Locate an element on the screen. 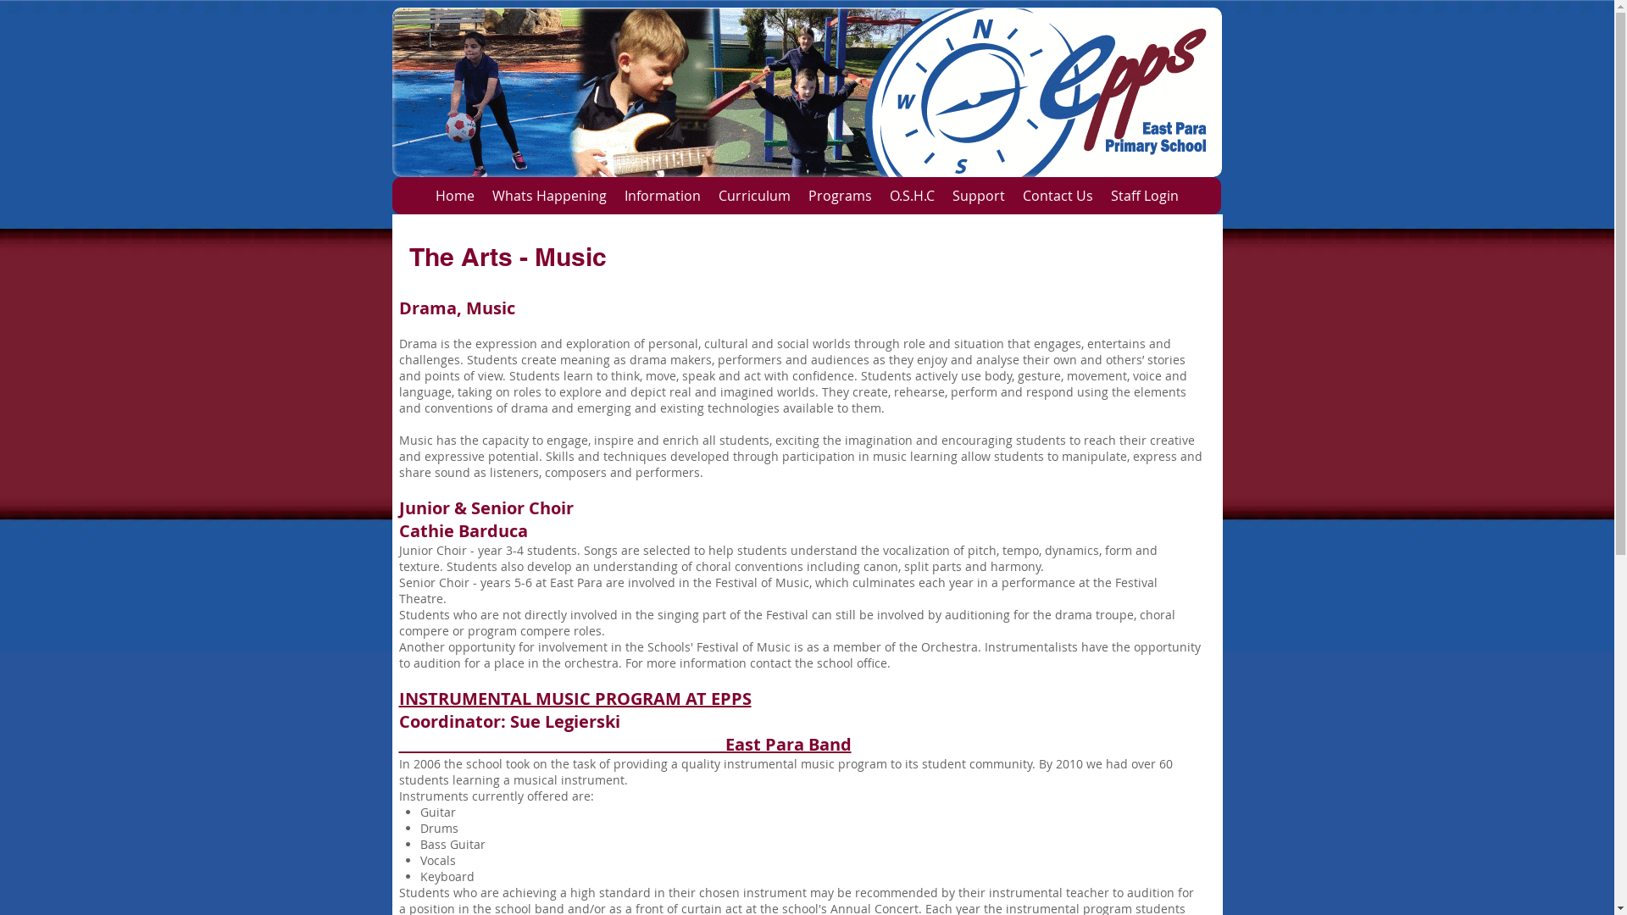 The height and width of the screenshot is (915, 1627). 'Staff Login' is located at coordinates (1144, 195).